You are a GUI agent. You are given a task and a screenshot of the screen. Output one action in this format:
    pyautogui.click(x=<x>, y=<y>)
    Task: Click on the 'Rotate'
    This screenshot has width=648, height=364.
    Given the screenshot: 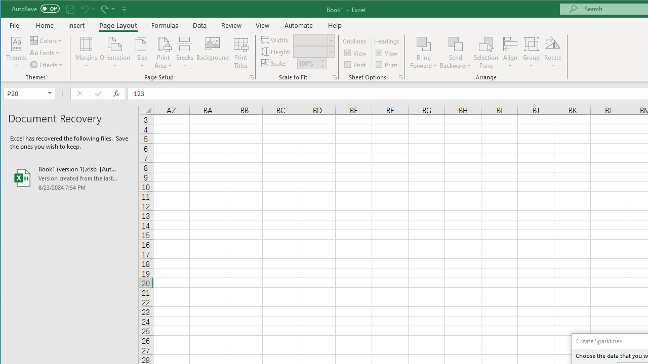 What is the action you would take?
    pyautogui.click(x=552, y=53)
    